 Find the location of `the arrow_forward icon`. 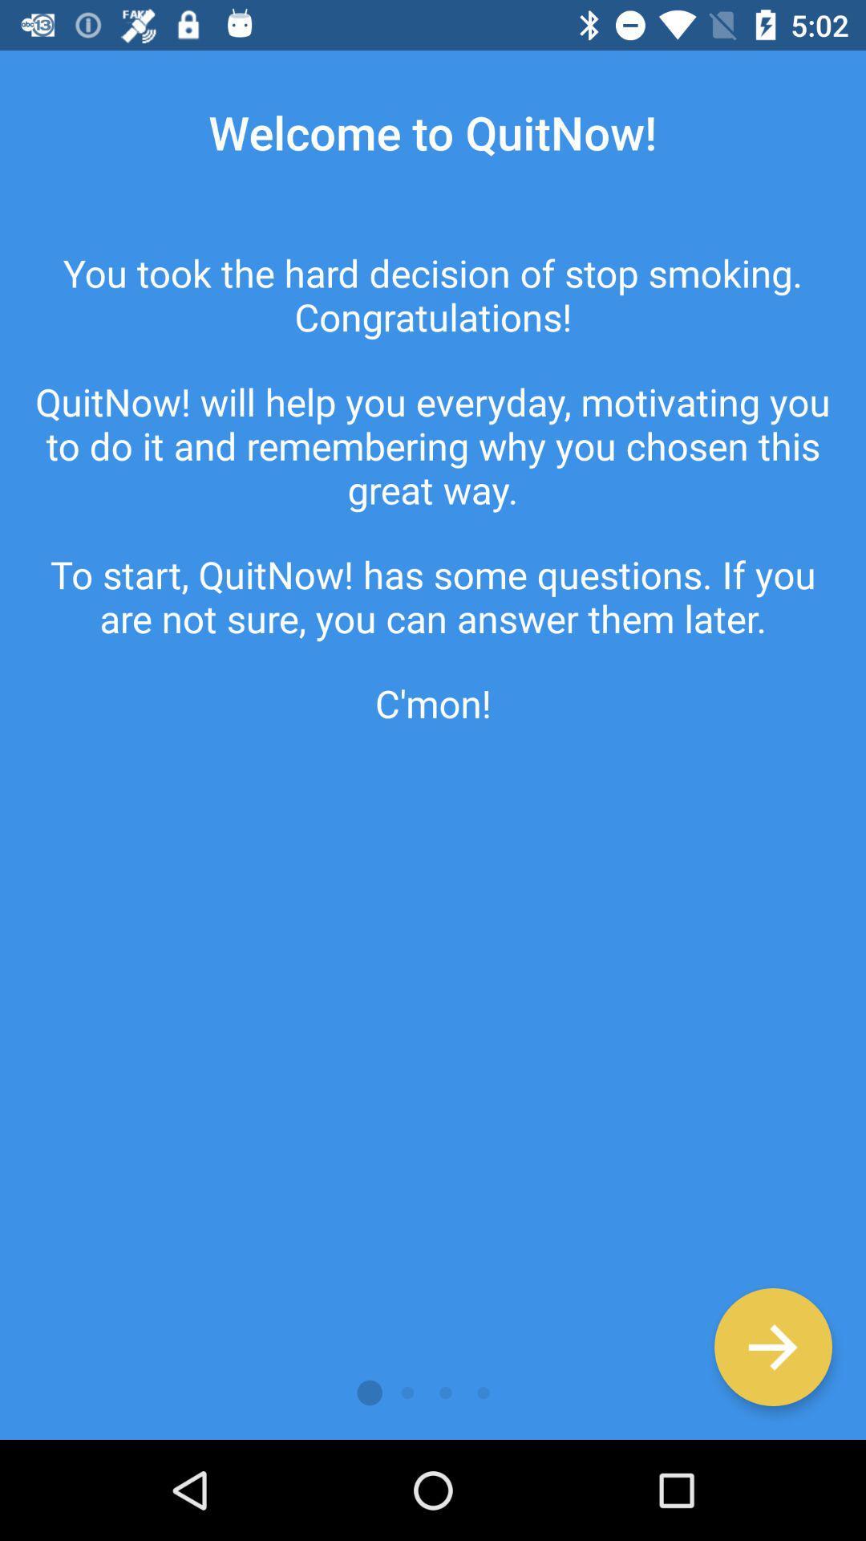

the arrow_forward icon is located at coordinates (772, 1347).